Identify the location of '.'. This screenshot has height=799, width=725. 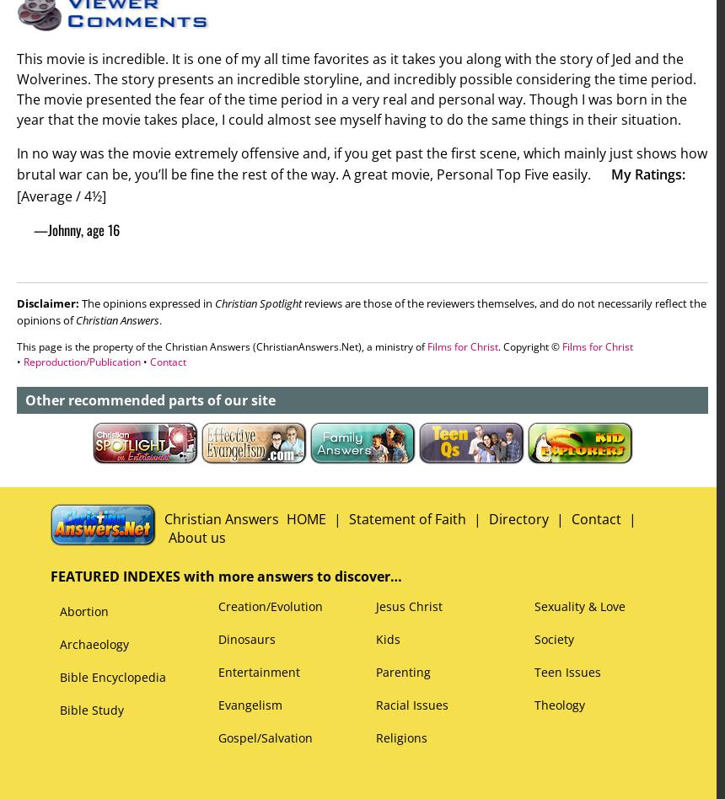
(159, 319).